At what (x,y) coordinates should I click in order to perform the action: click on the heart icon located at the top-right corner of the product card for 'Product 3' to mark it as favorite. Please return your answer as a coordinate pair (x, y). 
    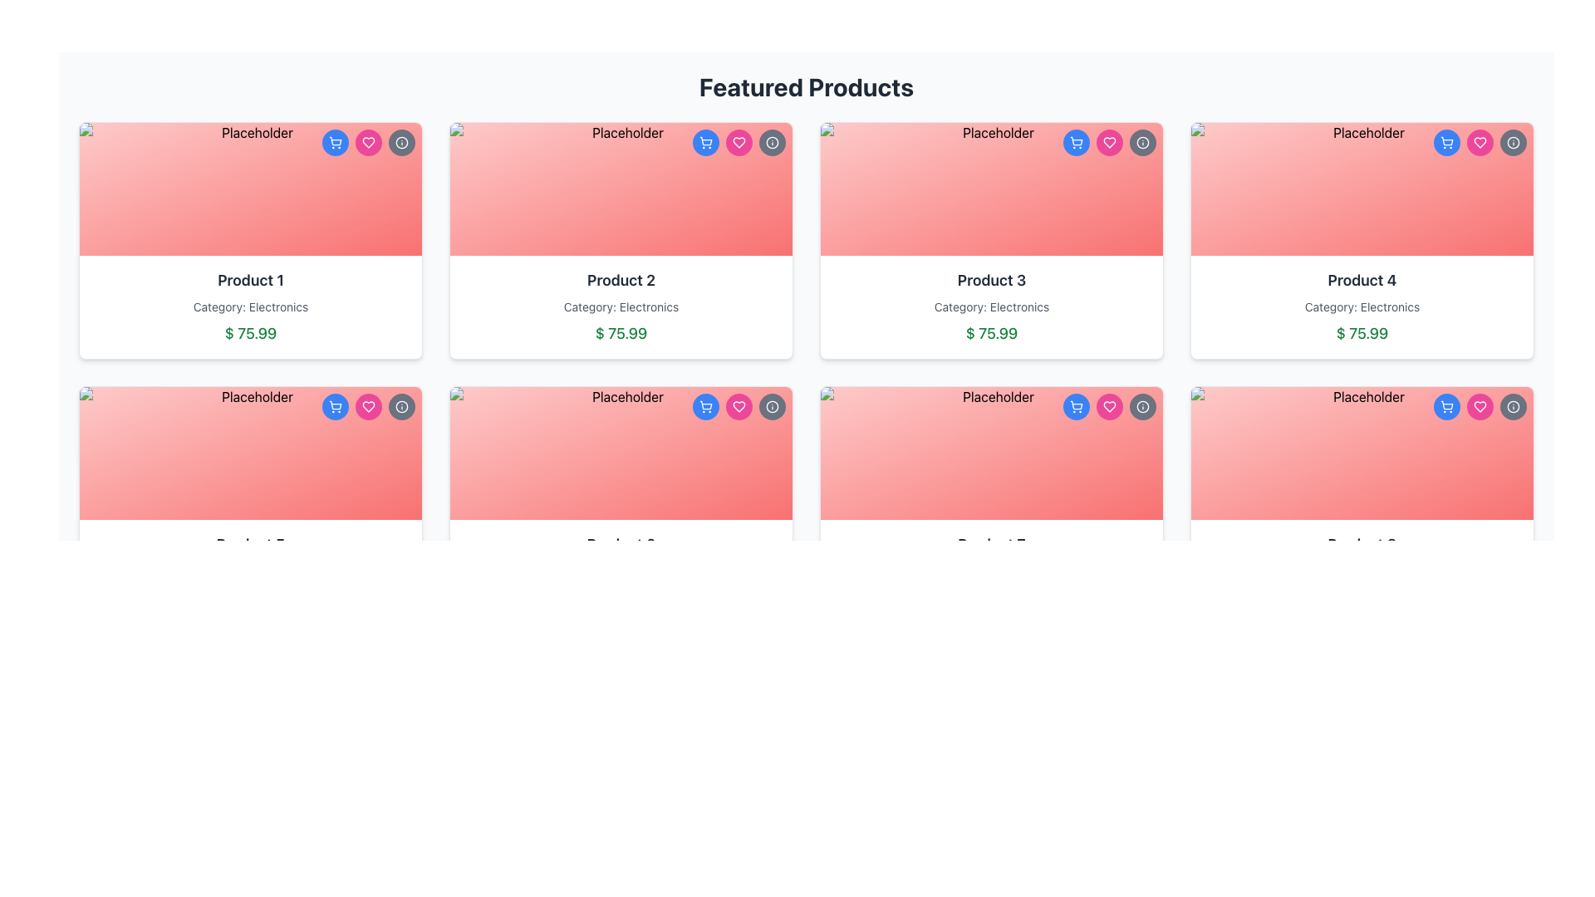
    Looking at the image, I should click on (1109, 142).